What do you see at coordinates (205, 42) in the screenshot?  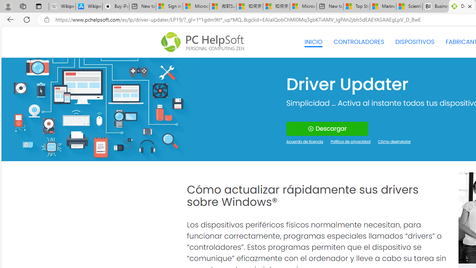 I see `'Logo Personal Computing'` at bounding box center [205, 42].